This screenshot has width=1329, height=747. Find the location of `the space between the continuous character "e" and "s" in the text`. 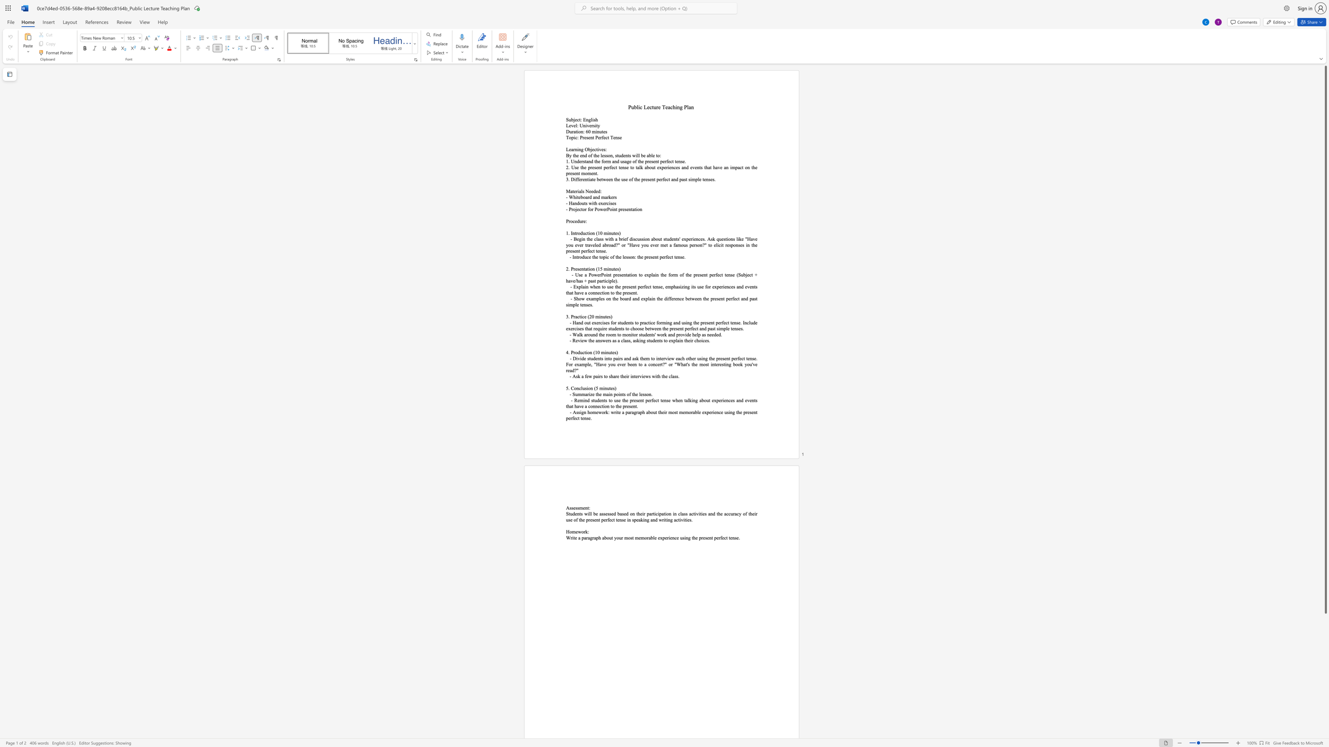

the space between the continuous character "e" and "s" in the text is located at coordinates (613, 203).